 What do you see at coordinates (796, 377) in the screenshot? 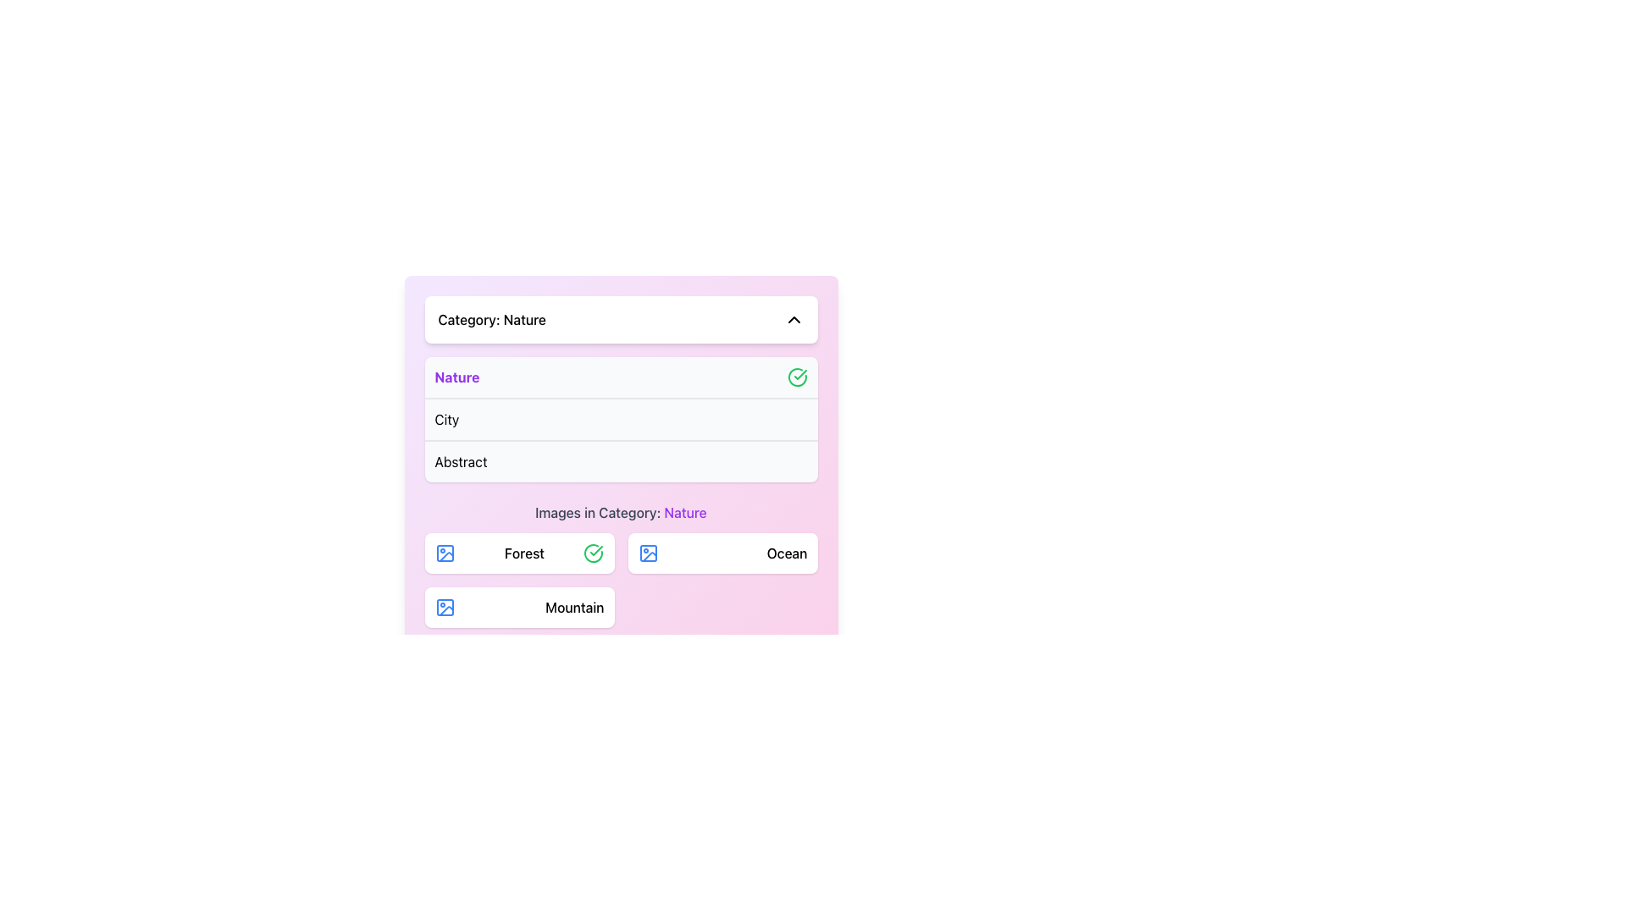
I see `the circular graphical icon with a green checkmark located to the right of the text 'Forest' in the 'Images in Category: Nature' section` at bounding box center [796, 377].